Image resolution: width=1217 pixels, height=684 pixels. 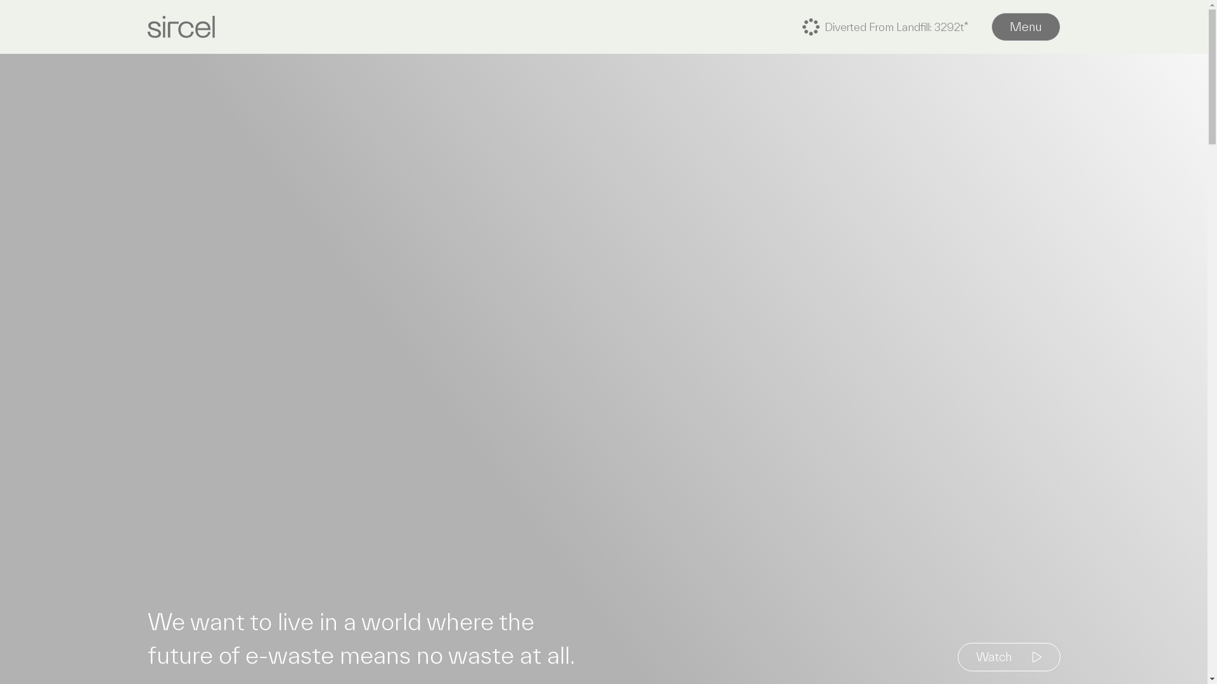 I want to click on 'Watch', so click(x=1007, y=656).